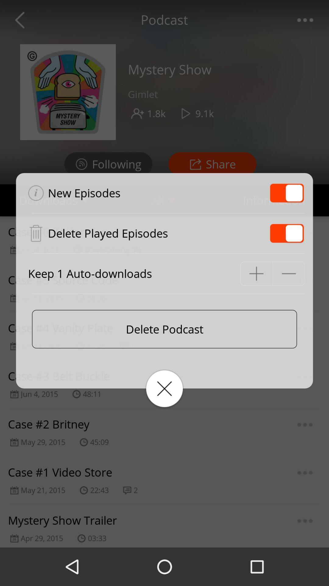 The image size is (329, 586). I want to click on the minus icon, so click(288, 273).